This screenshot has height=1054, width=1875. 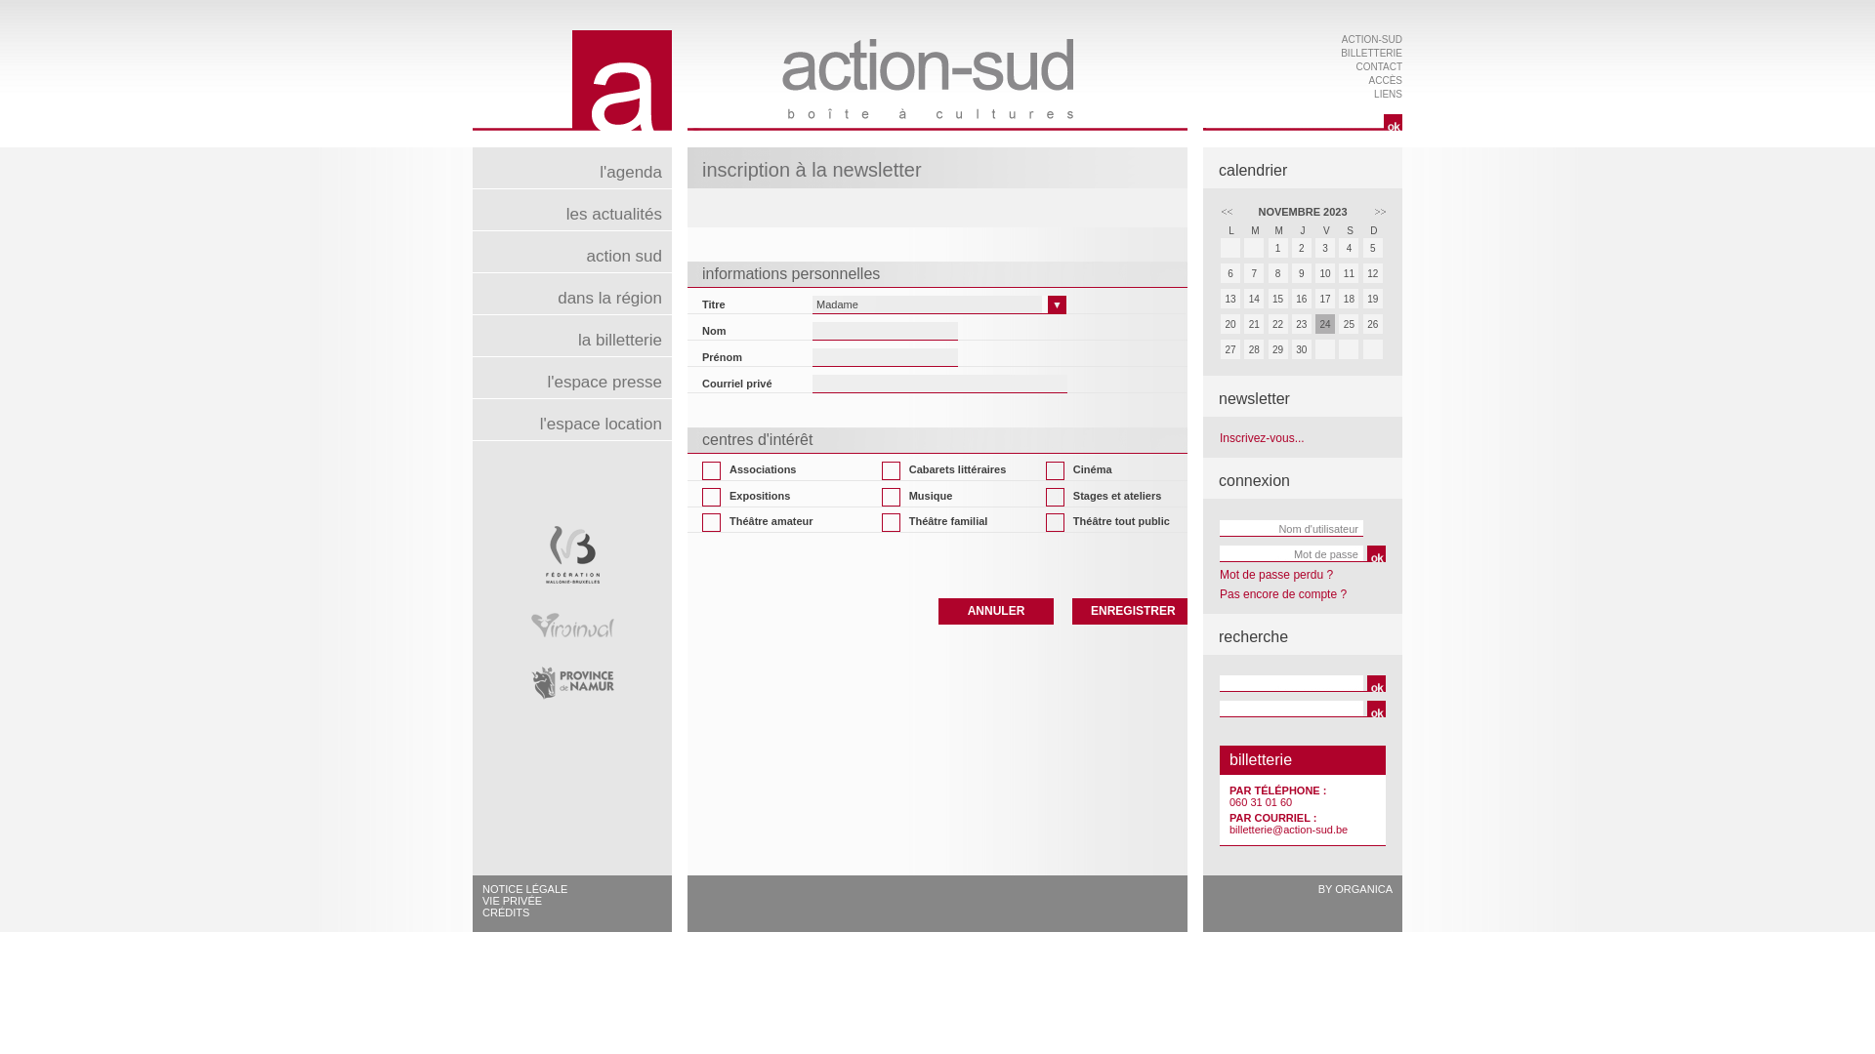 I want to click on '25', so click(x=1349, y=325).